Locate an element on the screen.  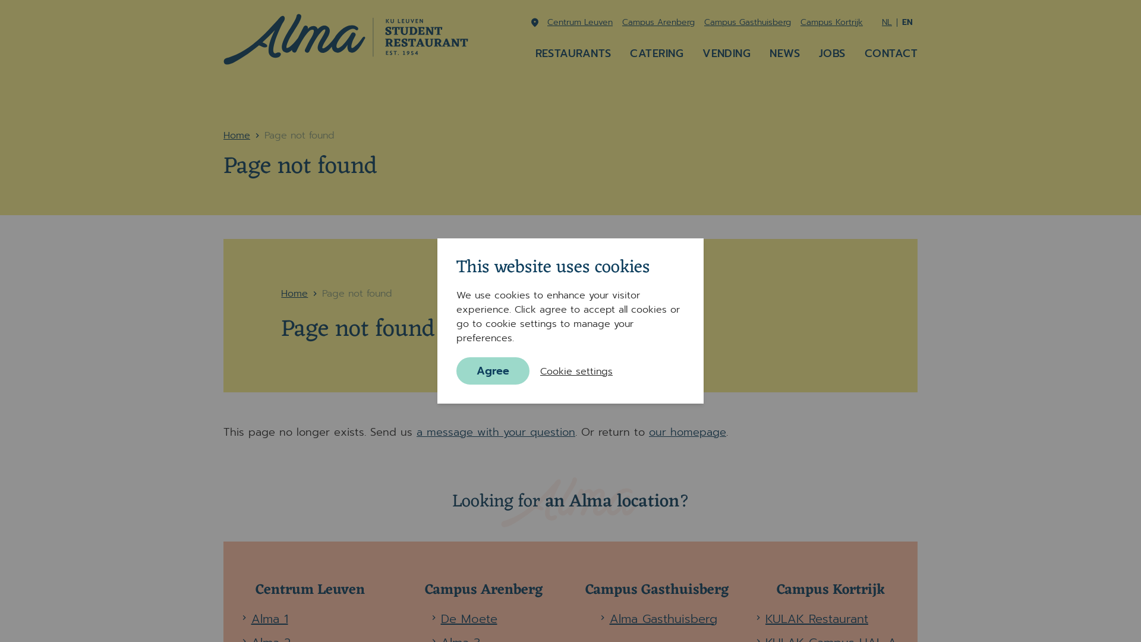
'CATERING' is located at coordinates (655, 52).